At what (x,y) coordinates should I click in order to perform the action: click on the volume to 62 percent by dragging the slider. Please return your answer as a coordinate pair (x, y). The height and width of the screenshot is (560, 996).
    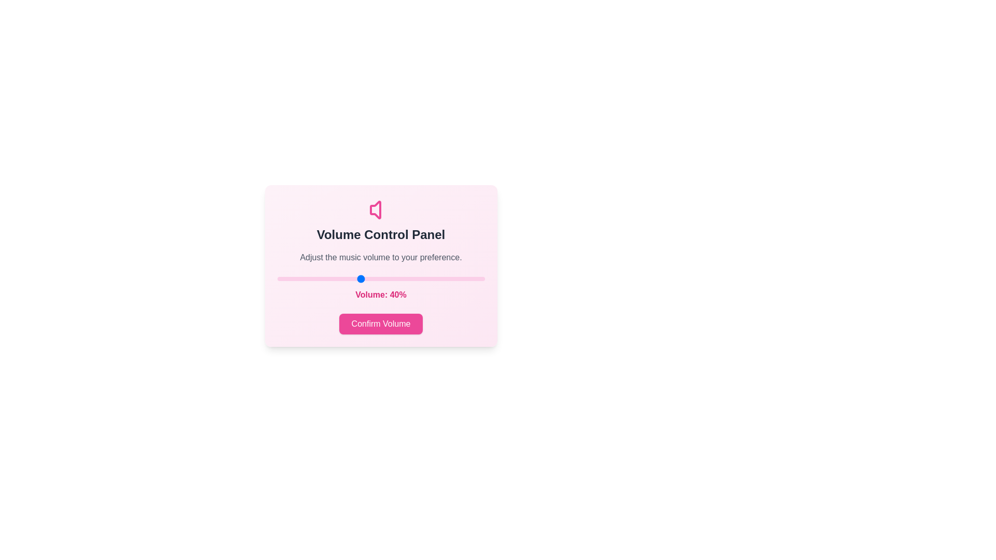
    Looking at the image, I should click on (405, 278).